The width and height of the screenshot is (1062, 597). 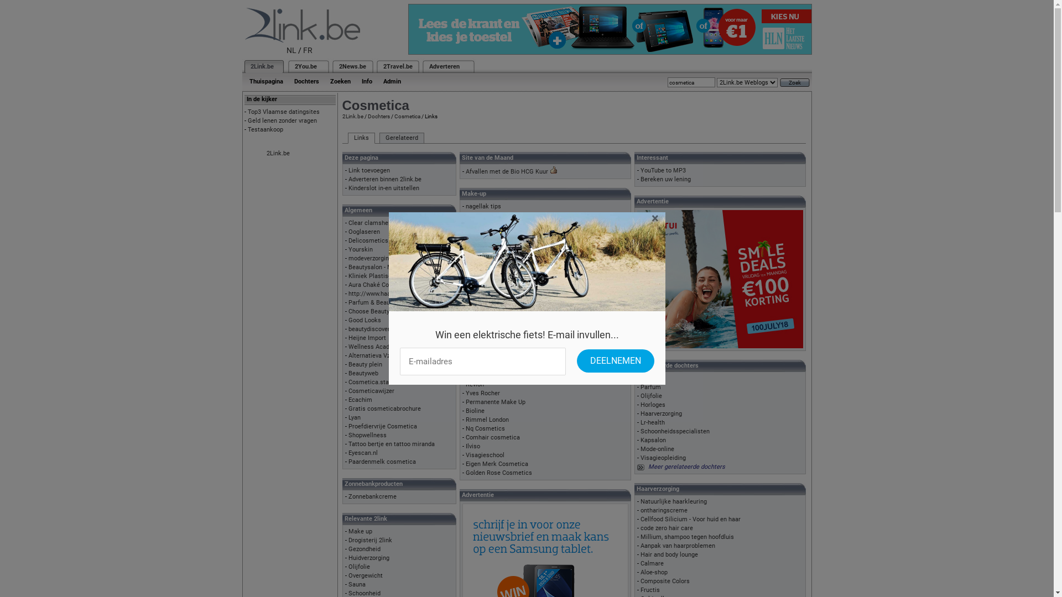 I want to click on 'Ecachim', so click(x=360, y=400).